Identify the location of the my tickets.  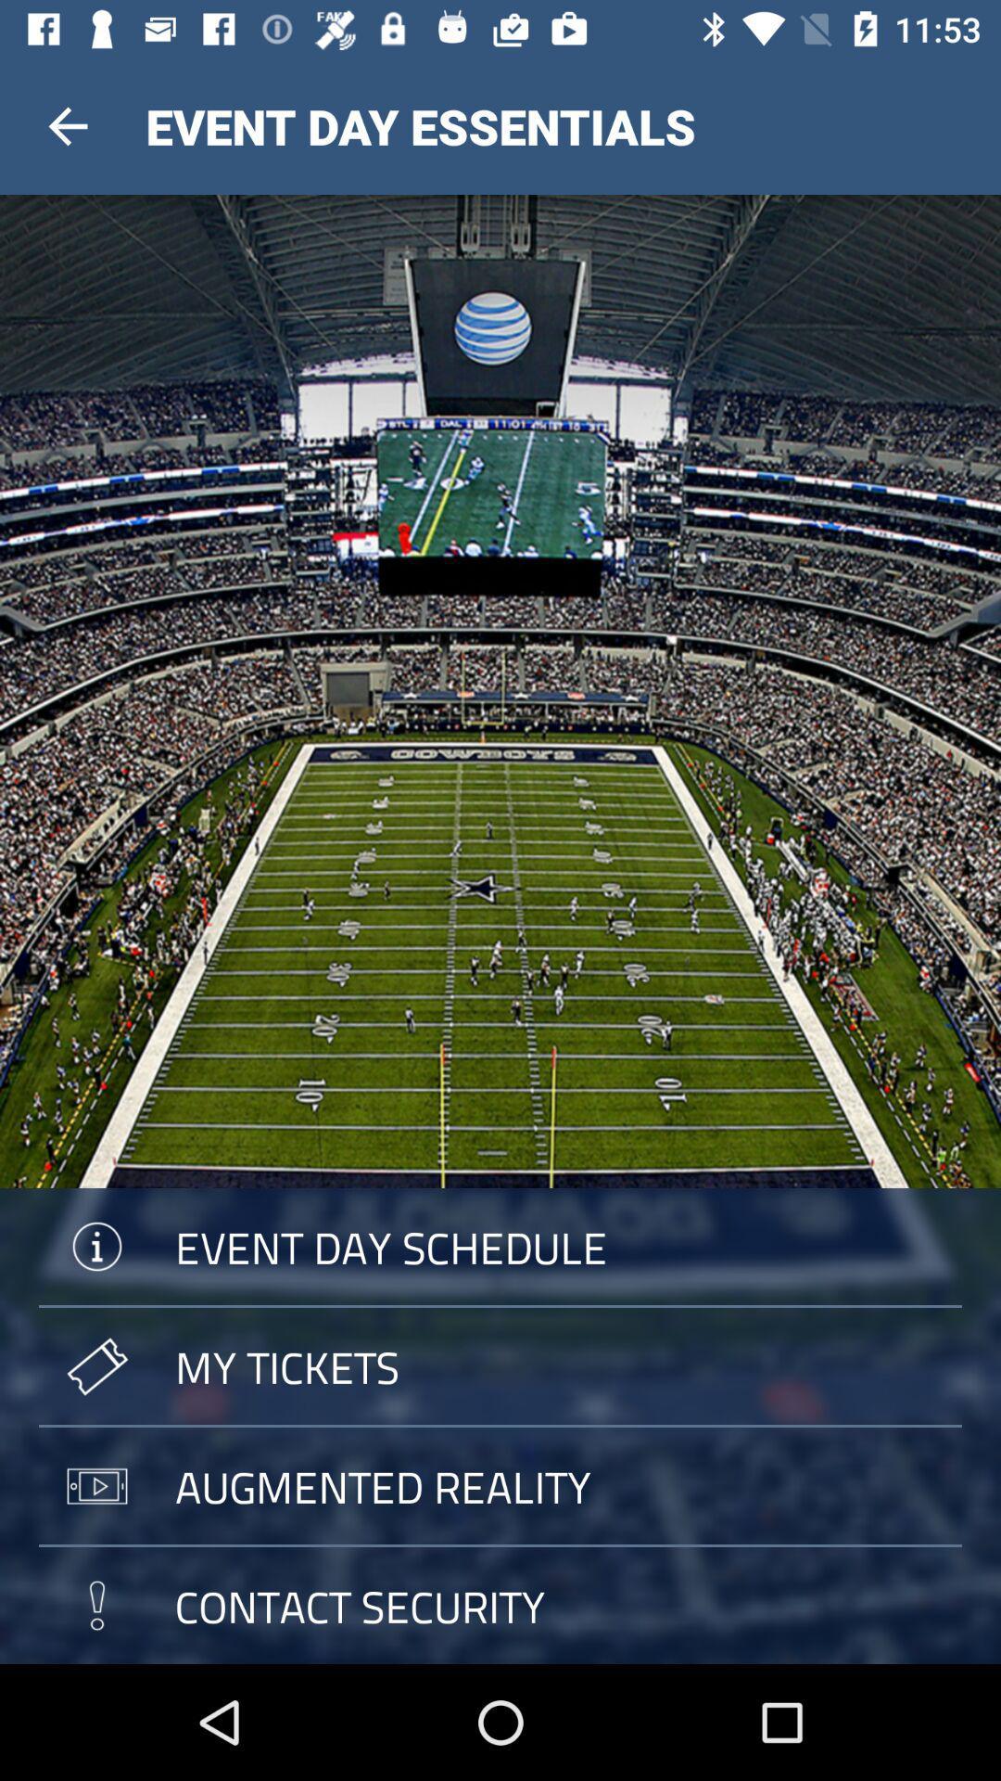
(500, 1366).